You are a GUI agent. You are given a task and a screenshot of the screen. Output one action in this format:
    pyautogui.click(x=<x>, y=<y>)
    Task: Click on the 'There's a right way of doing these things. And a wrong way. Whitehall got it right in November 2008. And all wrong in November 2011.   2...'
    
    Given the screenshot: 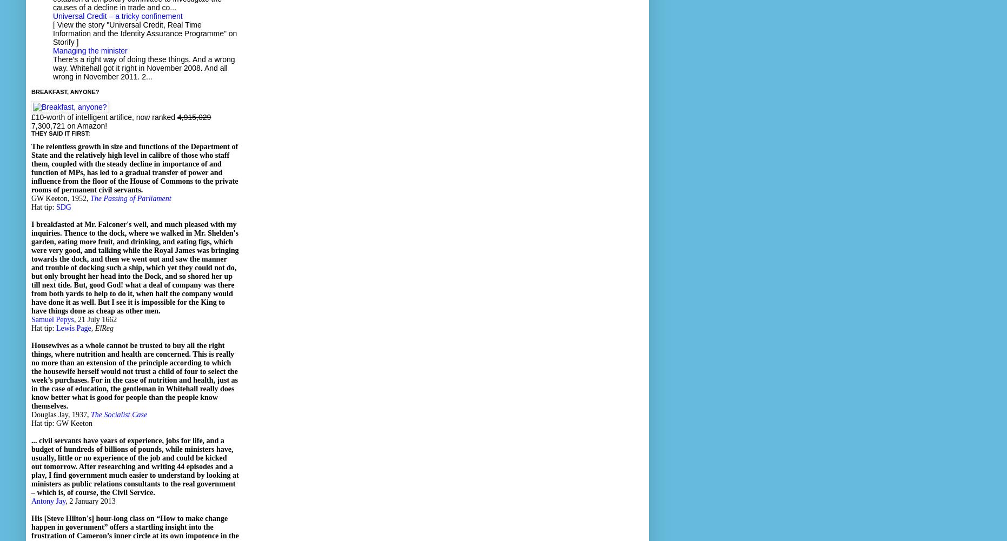 What is the action you would take?
    pyautogui.click(x=144, y=68)
    